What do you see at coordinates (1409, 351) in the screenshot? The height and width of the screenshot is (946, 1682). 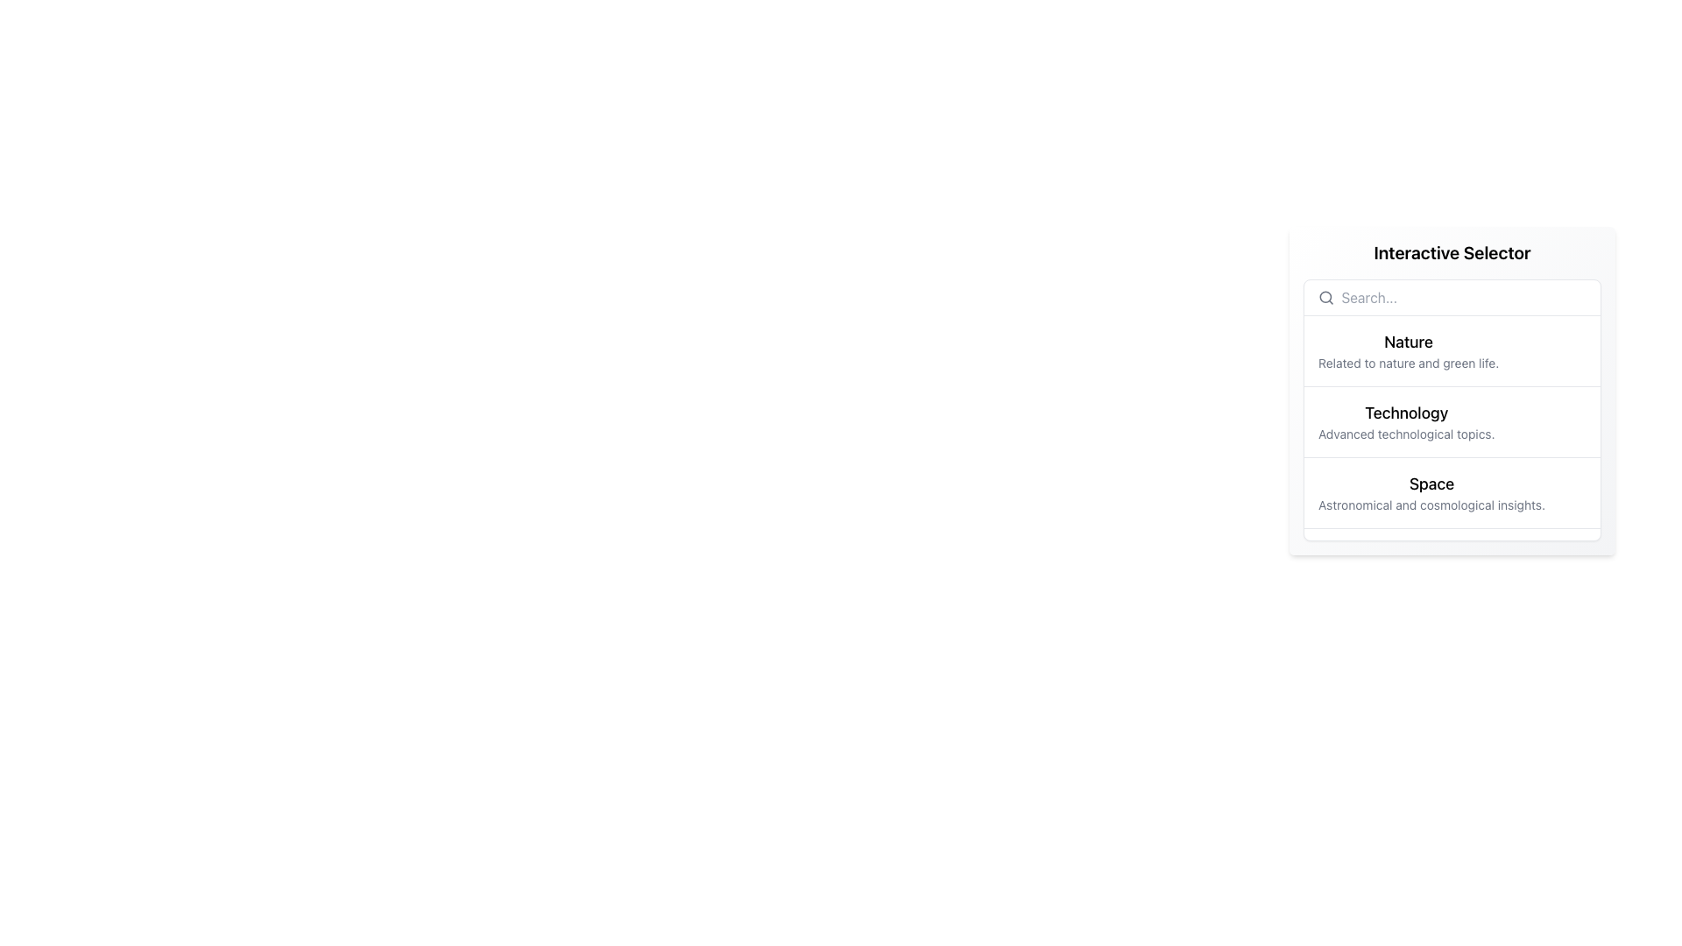 I see `the first list item in the sidebar labeled 'Nature'` at bounding box center [1409, 351].